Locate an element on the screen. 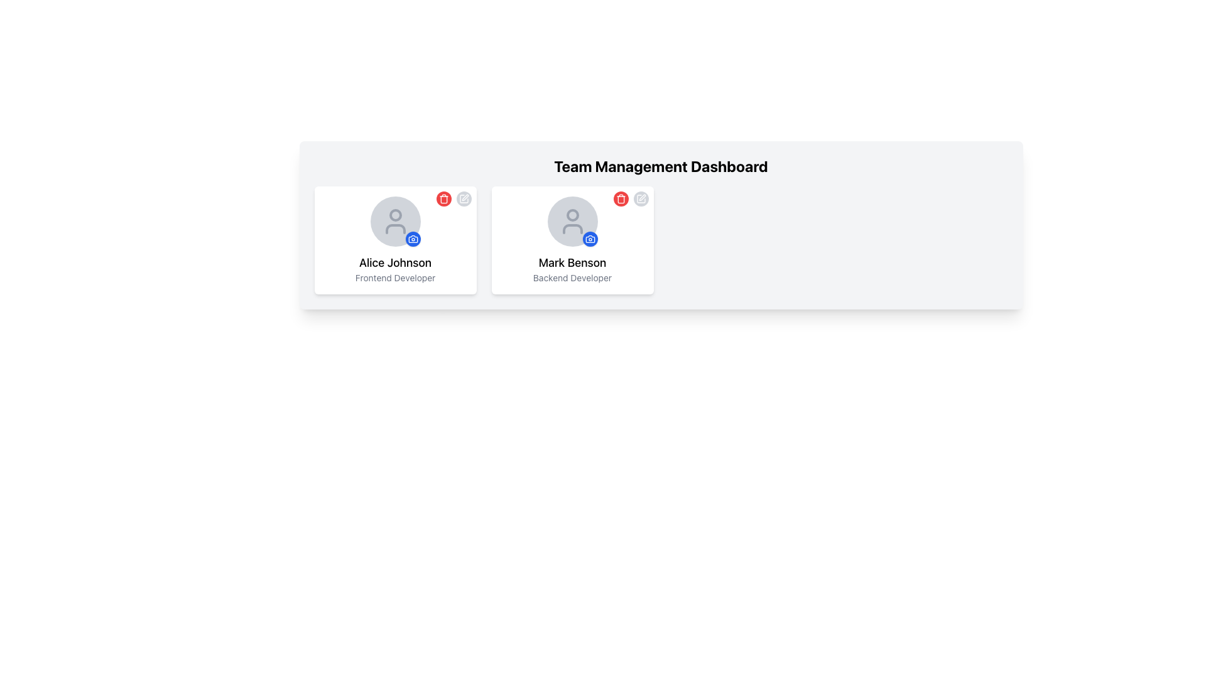  the user profile card component on the left side of the row within the grid layout, which features a rounded white background with a user icon, name, and role title is located at coordinates (394, 240).